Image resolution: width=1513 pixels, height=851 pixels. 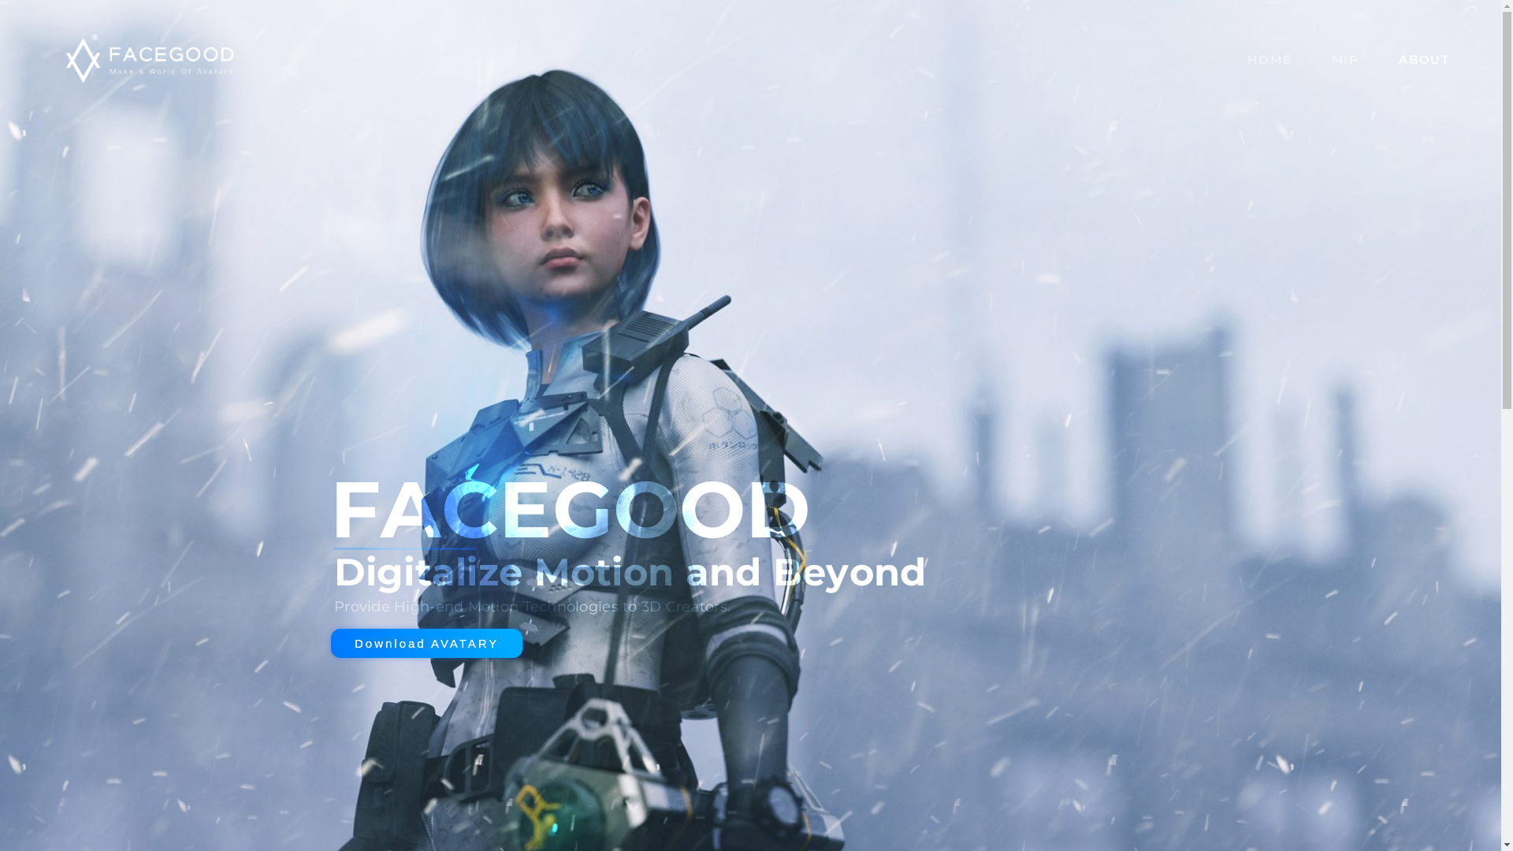 I want to click on 'HOME', so click(x=1270, y=57).